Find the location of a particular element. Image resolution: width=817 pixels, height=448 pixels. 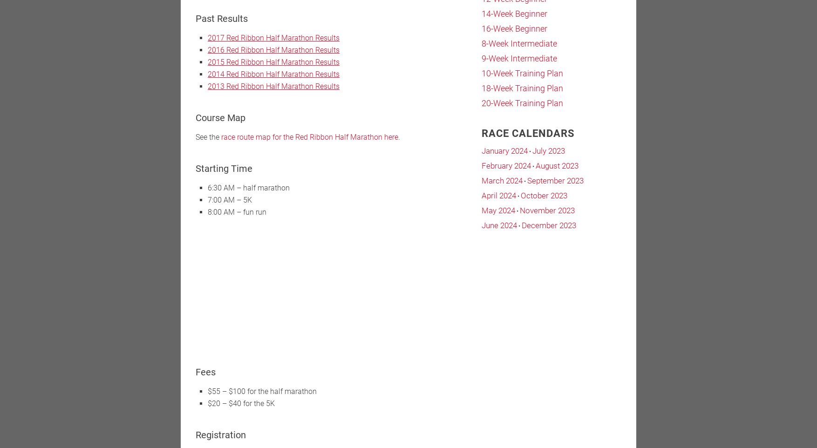

'March 2024' is located at coordinates (502, 180).